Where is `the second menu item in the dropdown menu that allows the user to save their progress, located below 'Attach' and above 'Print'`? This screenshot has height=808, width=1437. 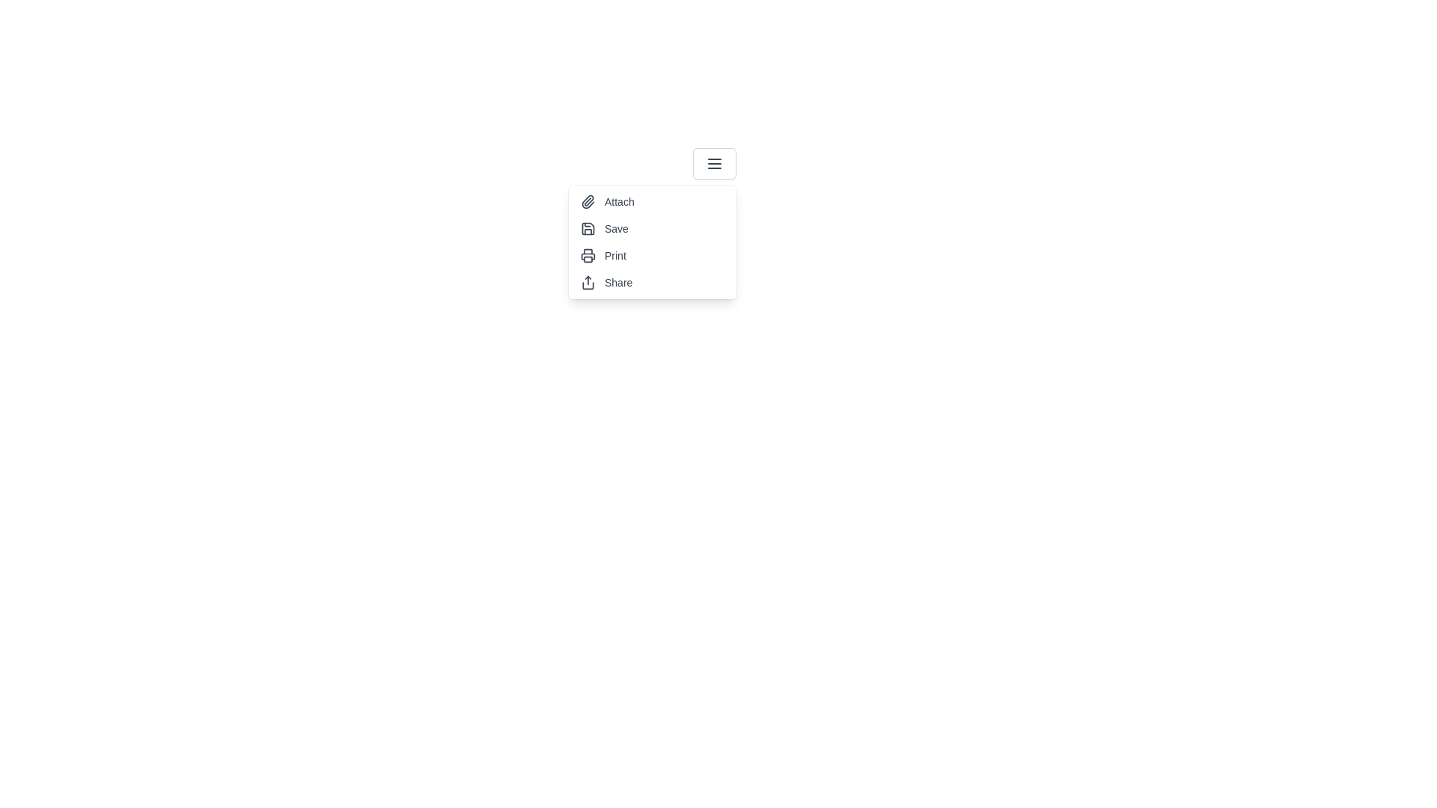 the second menu item in the dropdown menu that allows the user to save their progress, located below 'Attach' and above 'Print' is located at coordinates (653, 228).